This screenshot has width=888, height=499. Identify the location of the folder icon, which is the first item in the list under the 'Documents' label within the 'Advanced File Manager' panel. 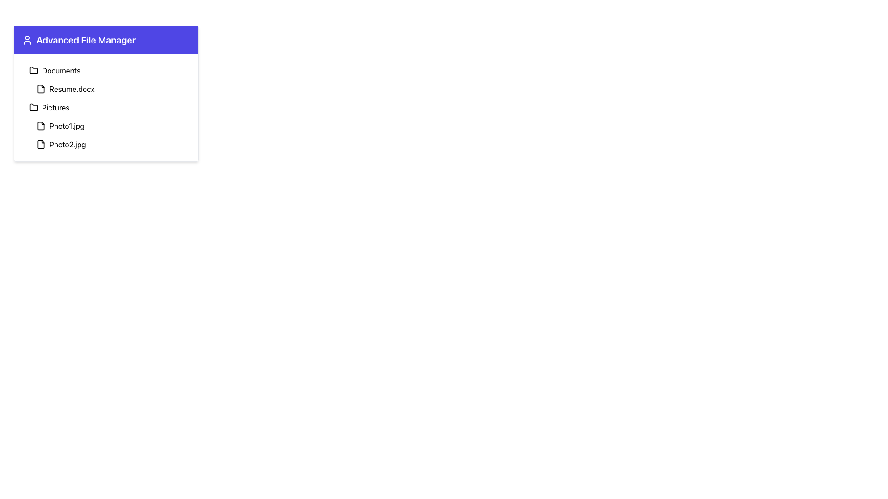
(33, 70).